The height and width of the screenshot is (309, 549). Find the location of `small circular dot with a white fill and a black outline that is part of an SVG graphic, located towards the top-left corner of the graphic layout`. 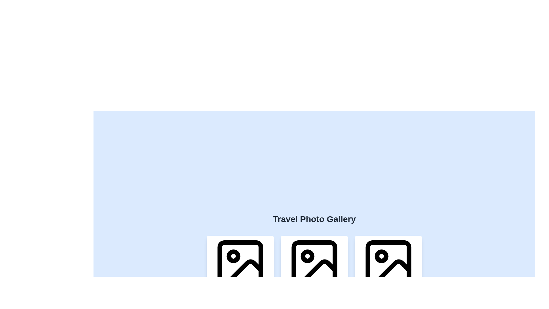

small circular dot with a white fill and a black outline that is part of an SVG graphic, located towards the top-left corner of the graphic layout is located at coordinates (381, 256).